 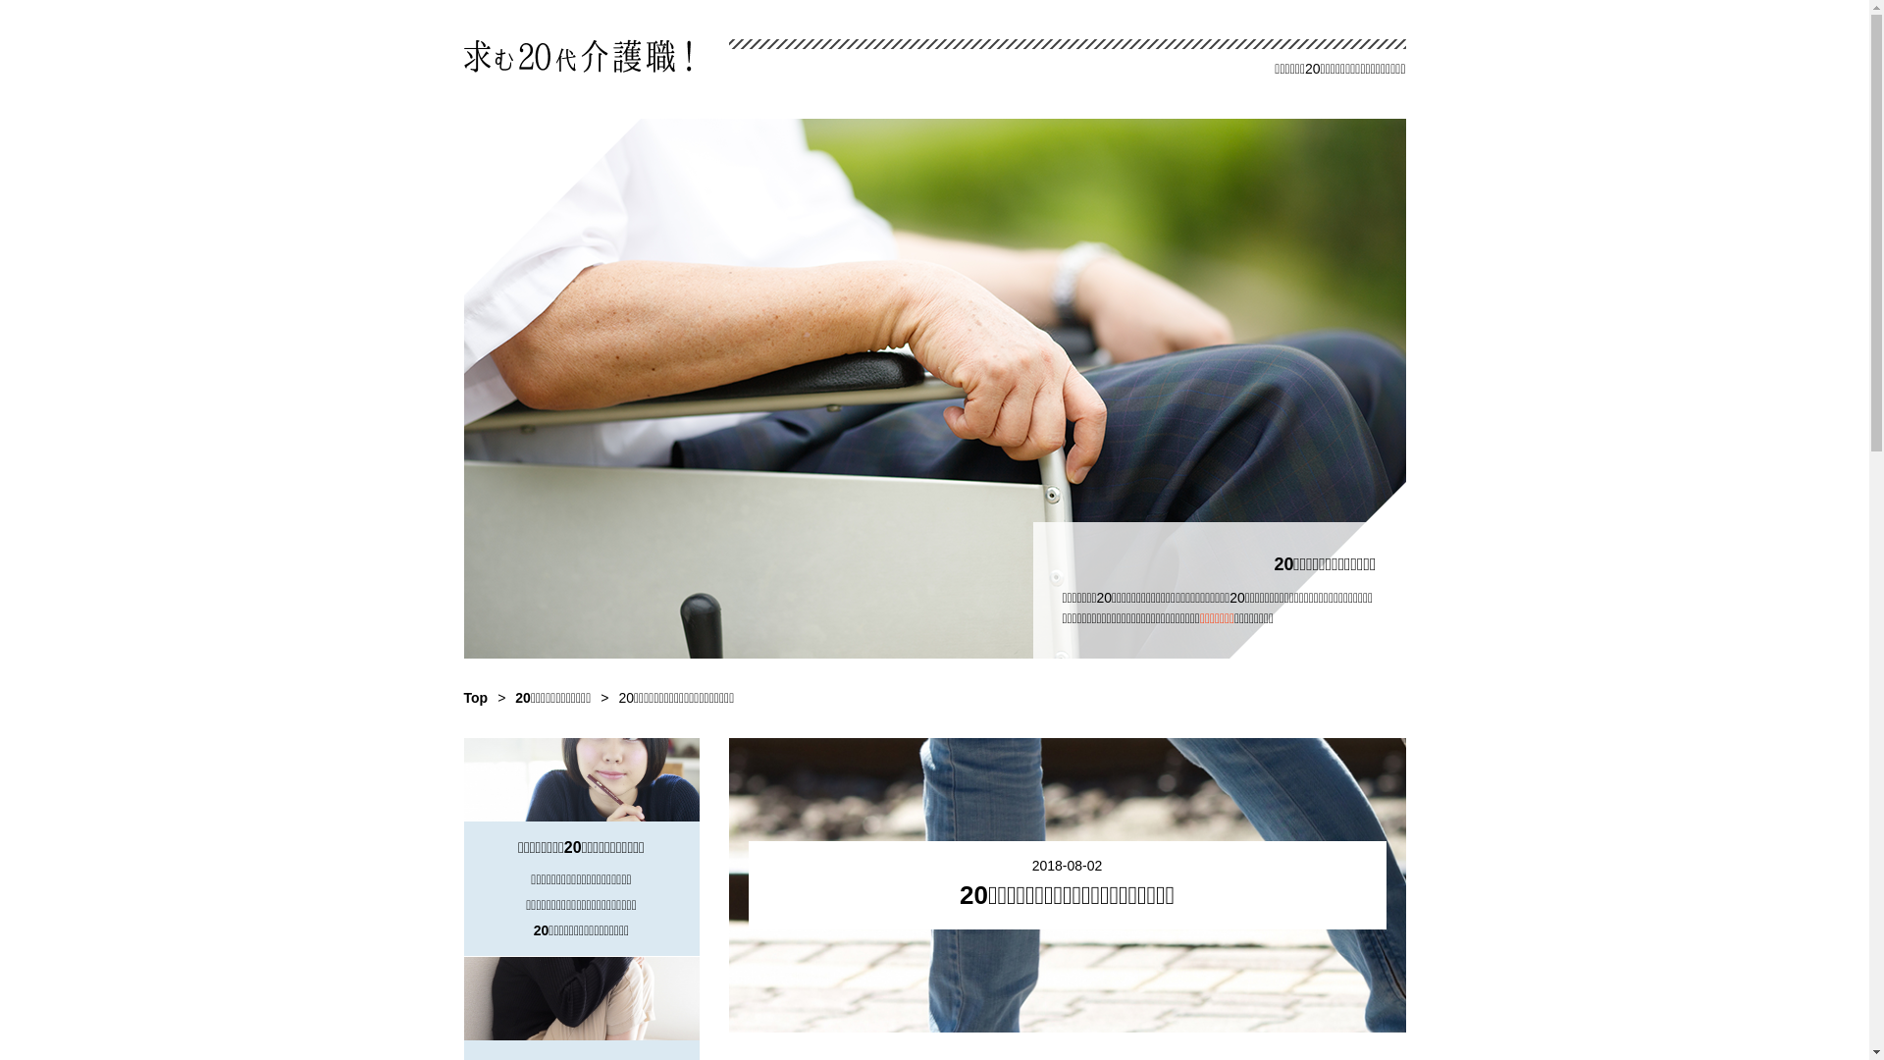 What do you see at coordinates (475, 696) in the screenshot?
I see `'Top'` at bounding box center [475, 696].